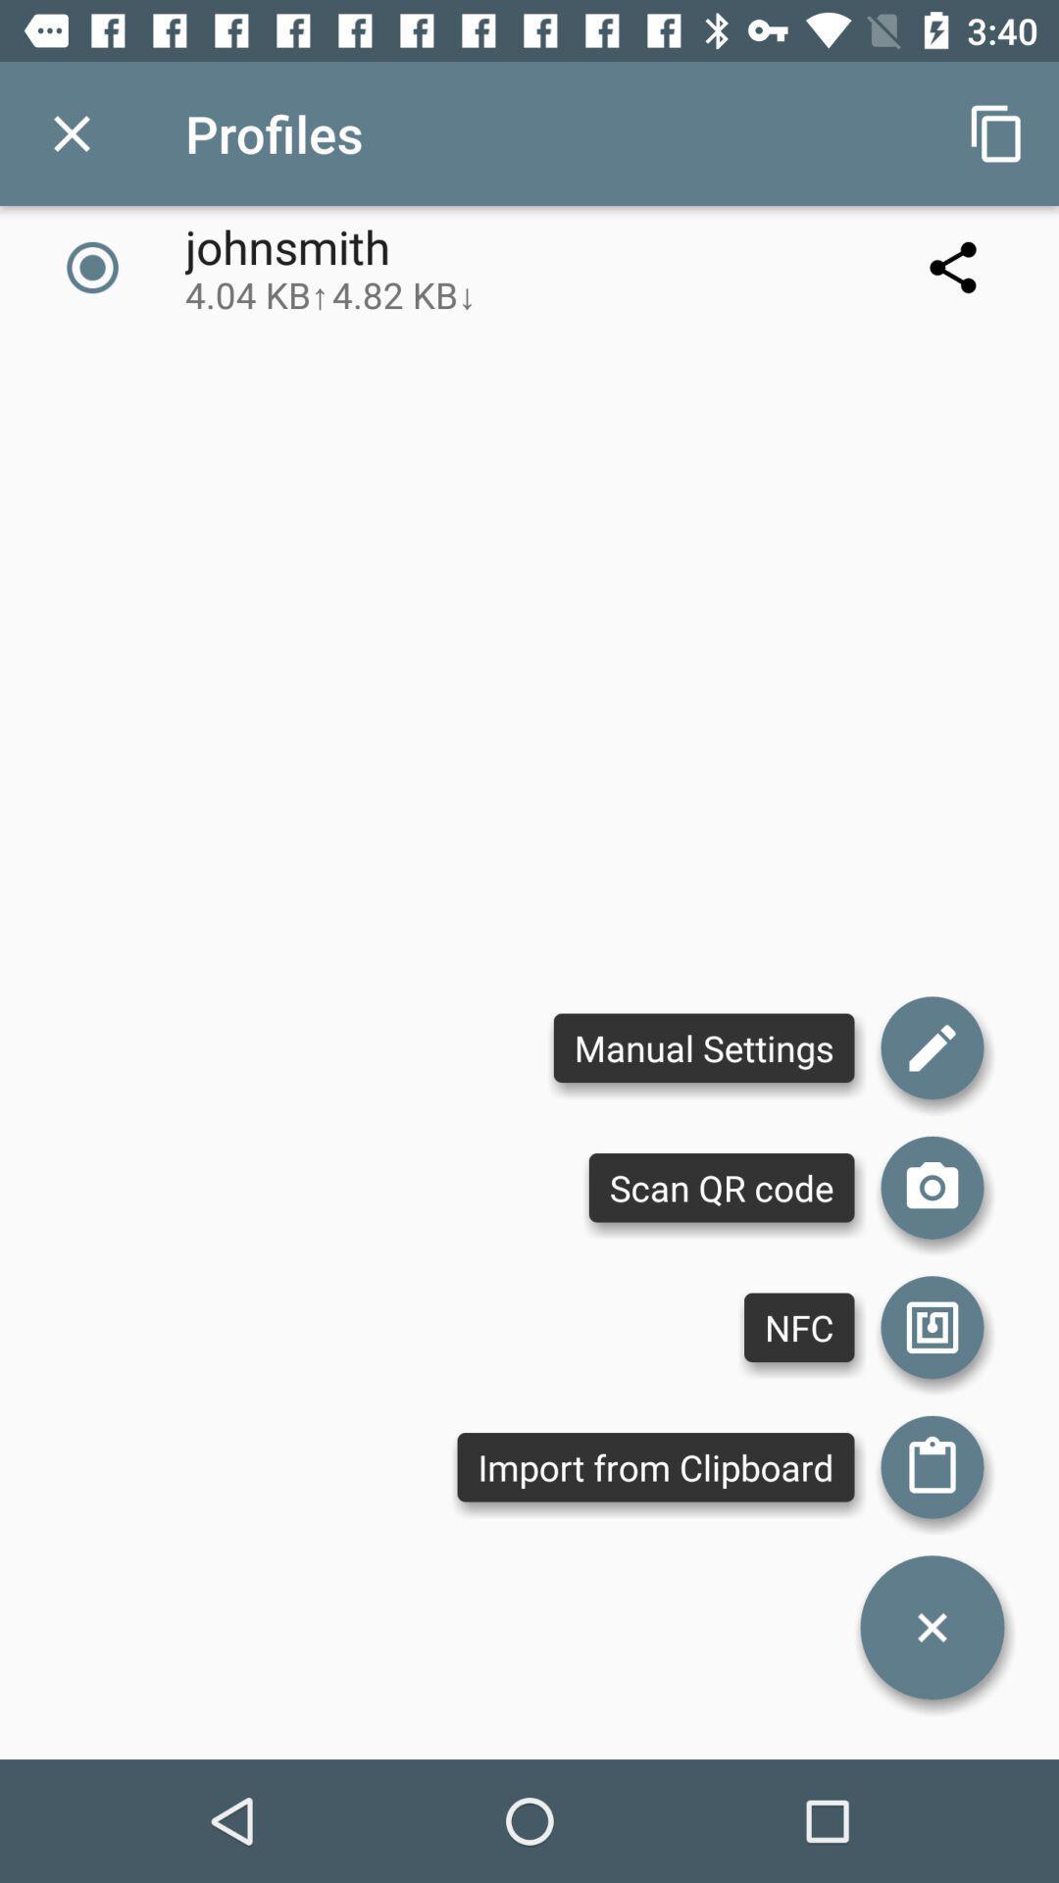 The width and height of the screenshot is (1059, 1883). What do you see at coordinates (932, 1327) in the screenshot?
I see `nfc recognition` at bounding box center [932, 1327].